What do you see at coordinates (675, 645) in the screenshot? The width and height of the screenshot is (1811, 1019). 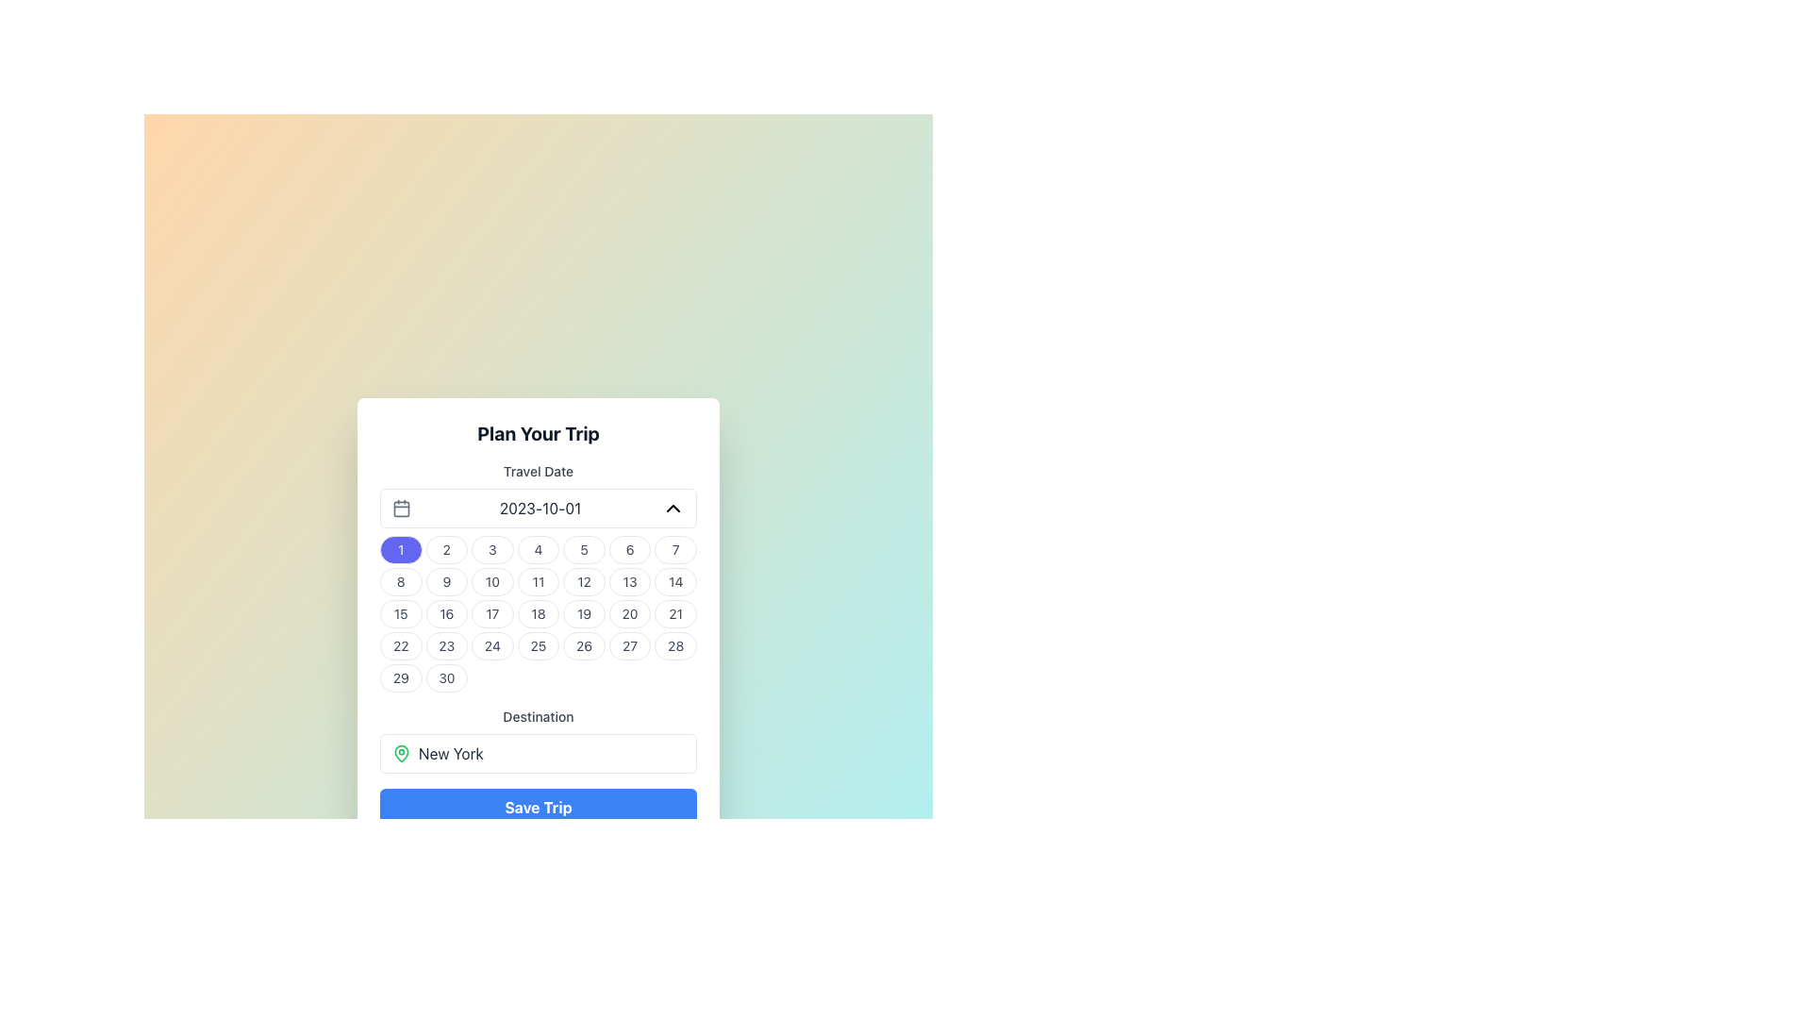 I see `the calendar date button representing the 28th day of the month` at bounding box center [675, 645].